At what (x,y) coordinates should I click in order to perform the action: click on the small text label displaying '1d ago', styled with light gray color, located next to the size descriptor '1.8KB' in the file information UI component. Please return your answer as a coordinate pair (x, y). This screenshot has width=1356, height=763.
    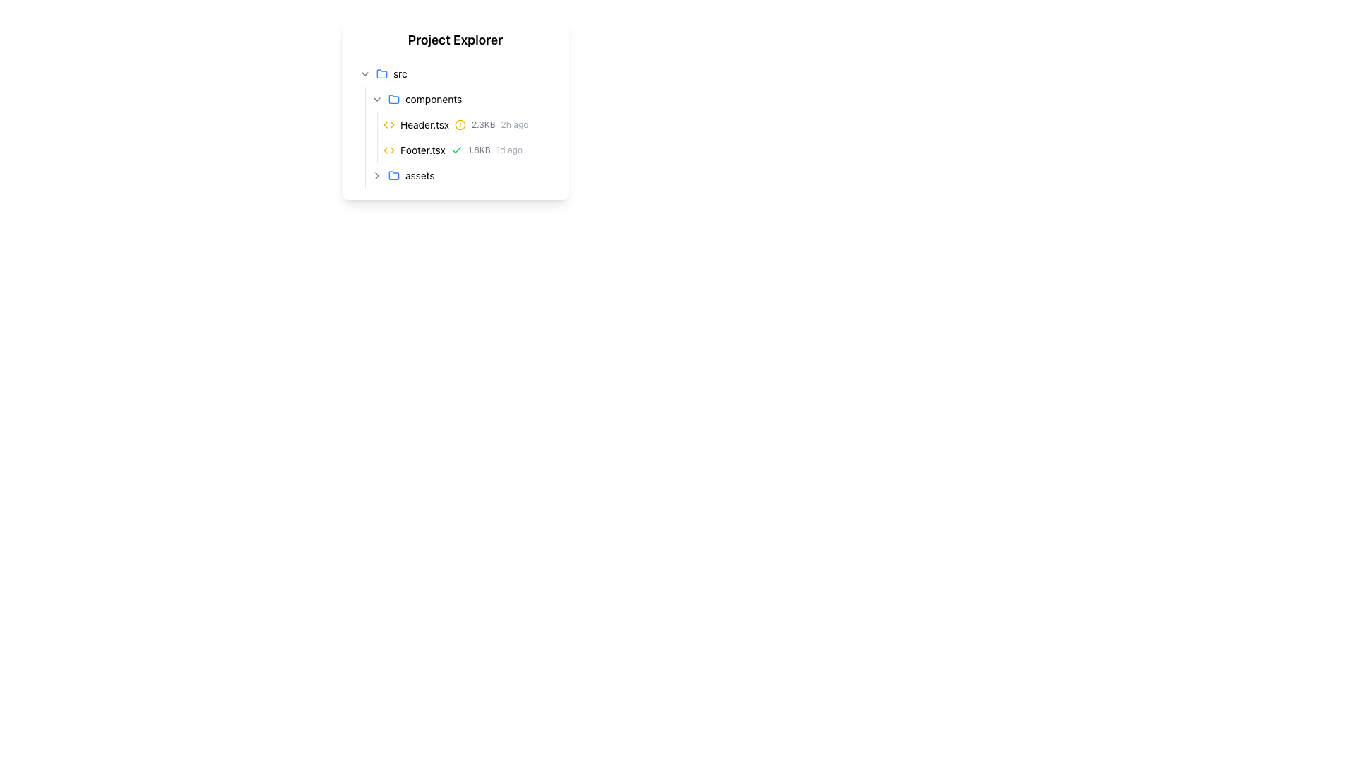
    Looking at the image, I should click on (509, 150).